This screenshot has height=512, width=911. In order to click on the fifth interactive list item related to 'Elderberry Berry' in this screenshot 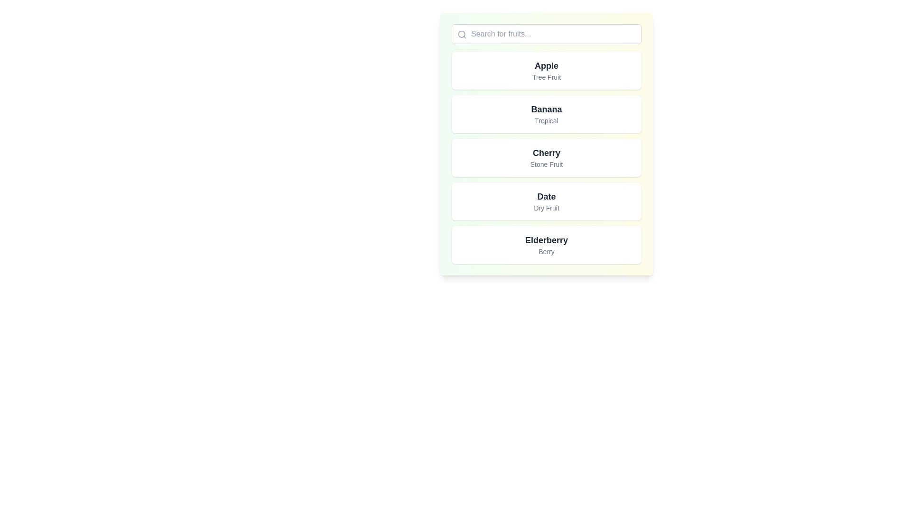, I will do `click(547, 244)`.